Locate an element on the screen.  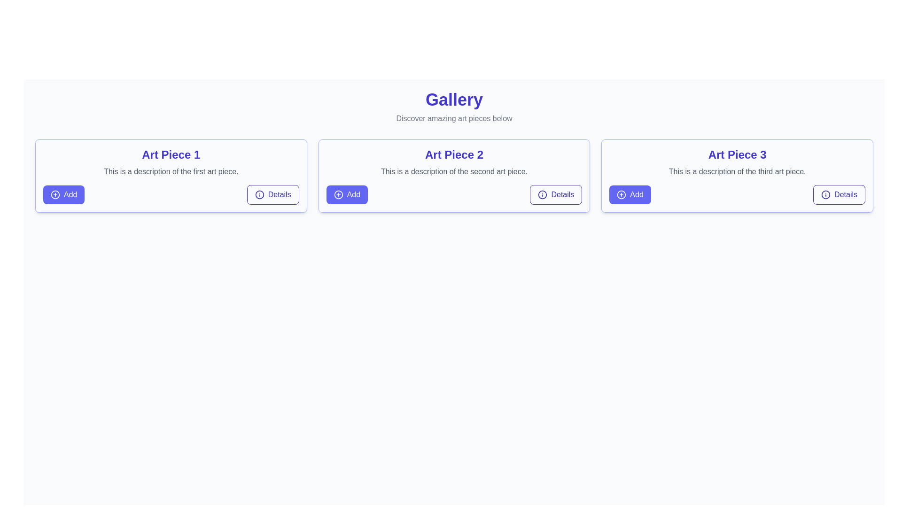
circular blue outlined icon with a centered 'i' symbol located to the left of the 'Details' button in the 'Art Piece 3' section is located at coordinates (825, 194).